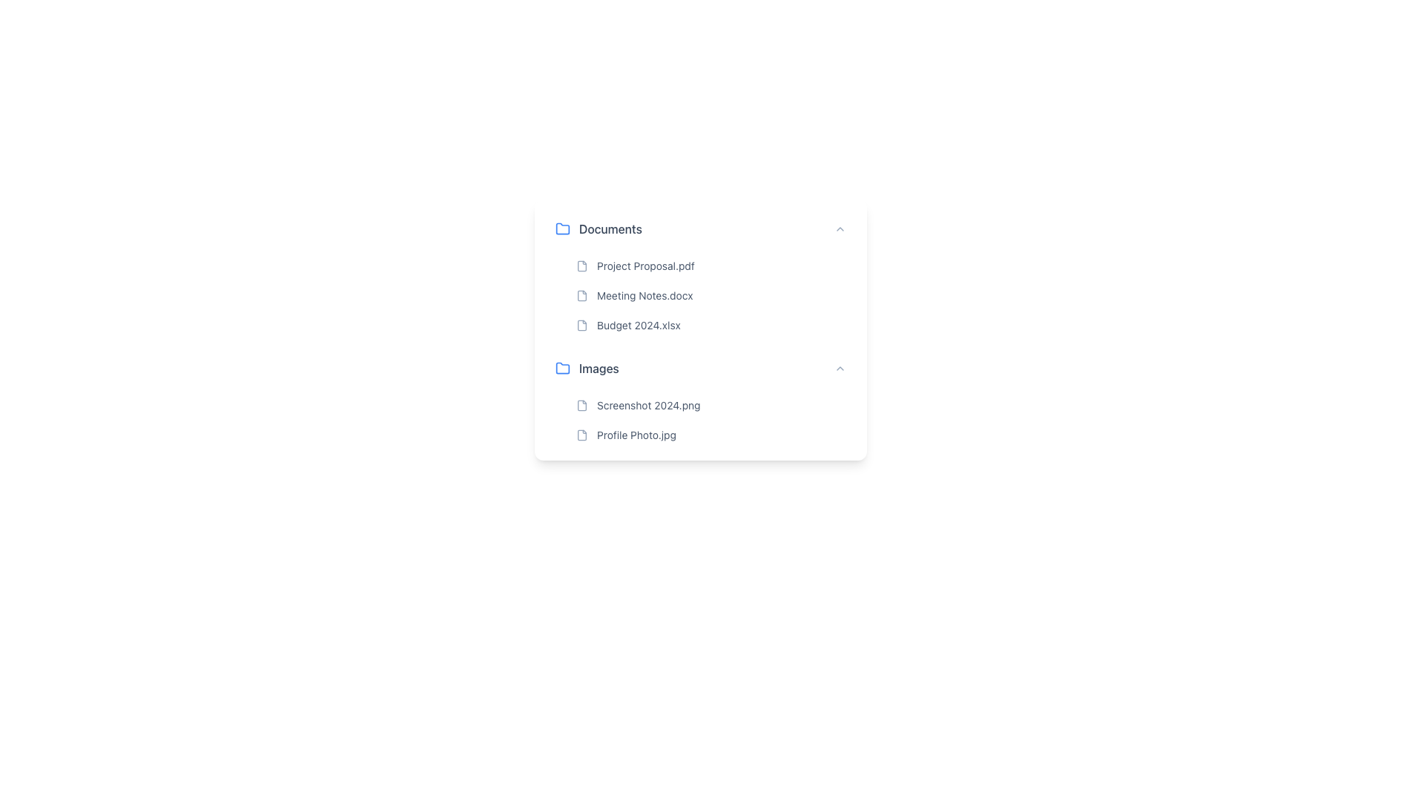  What do you see at coordinates (712, 265) in the screenshot?
I see `the 'Project Proposal.pdf' file entry` at bounding box center [712, 265].